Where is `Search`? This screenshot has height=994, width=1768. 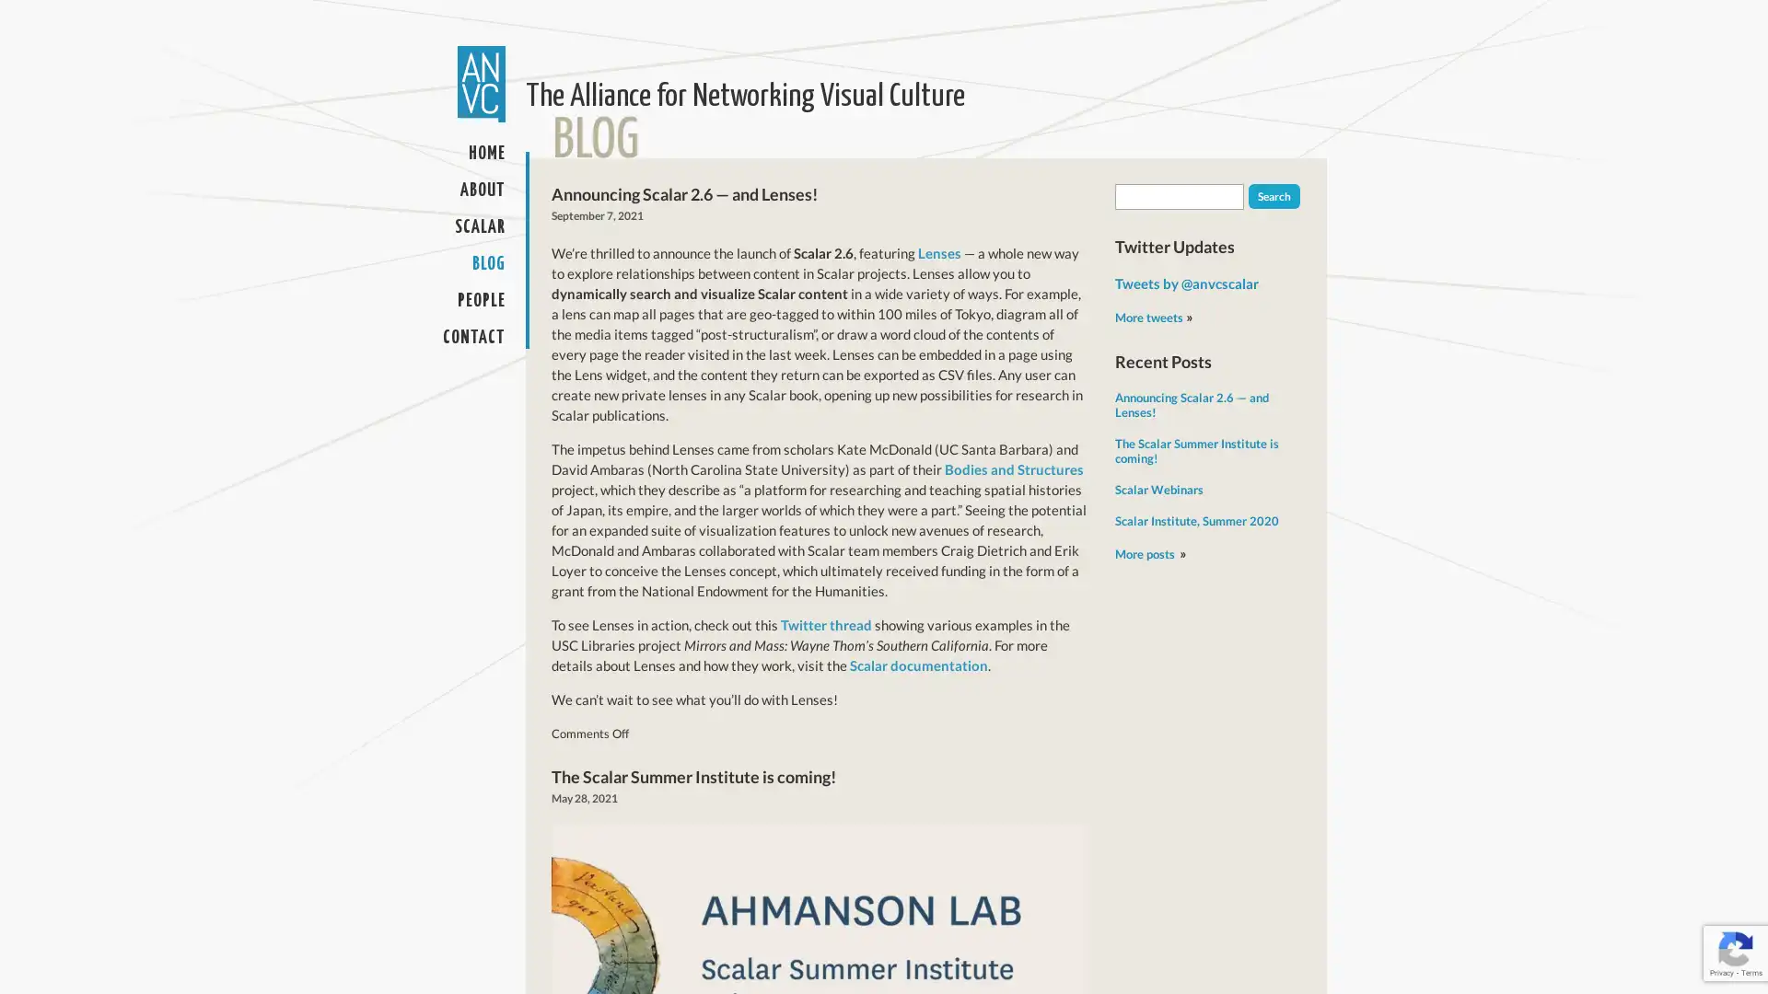
Search is located at coordinates (1273, 196).